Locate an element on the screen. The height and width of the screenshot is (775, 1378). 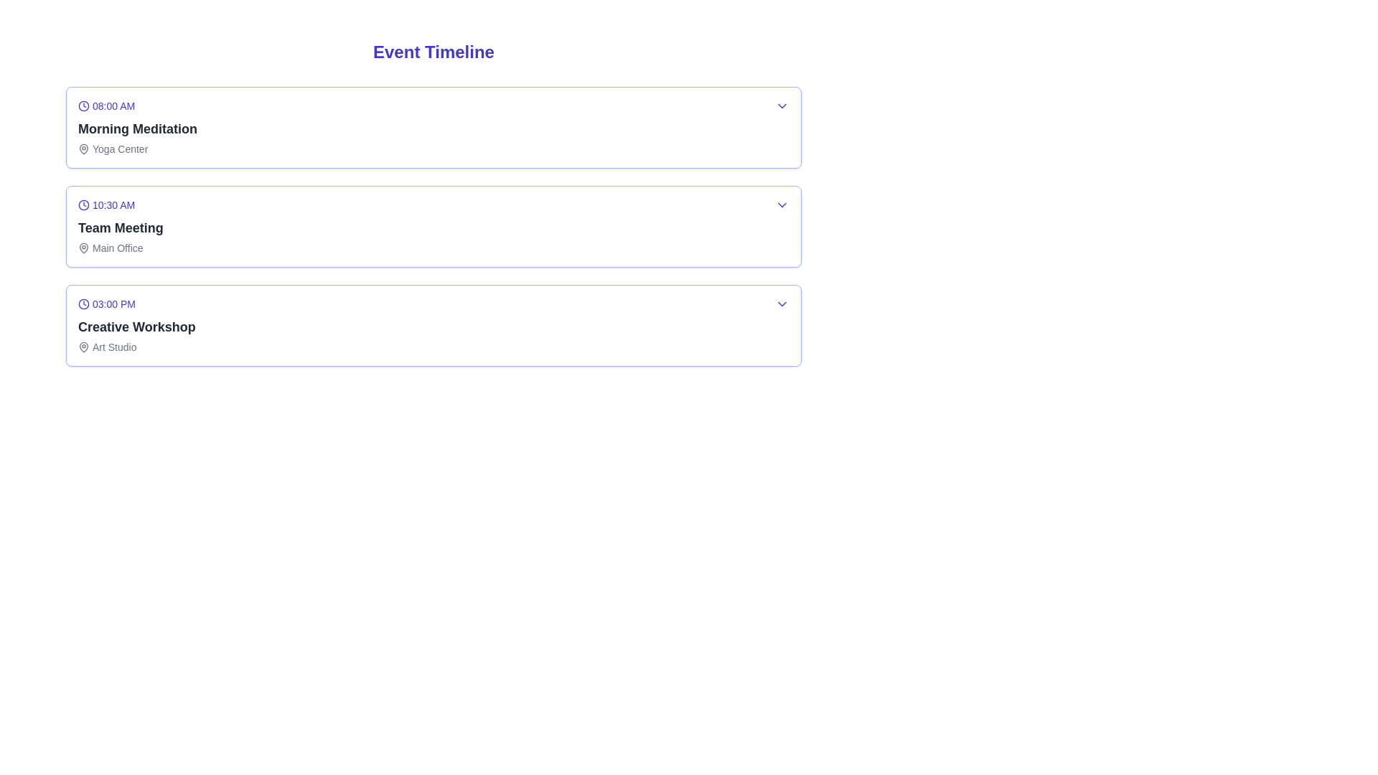
the chevron icon button that toggles the expansion or collapse of detailed information for the 'Team Meeting' entry in the timeline view for visual feedback is located at coordinates (781, 205).